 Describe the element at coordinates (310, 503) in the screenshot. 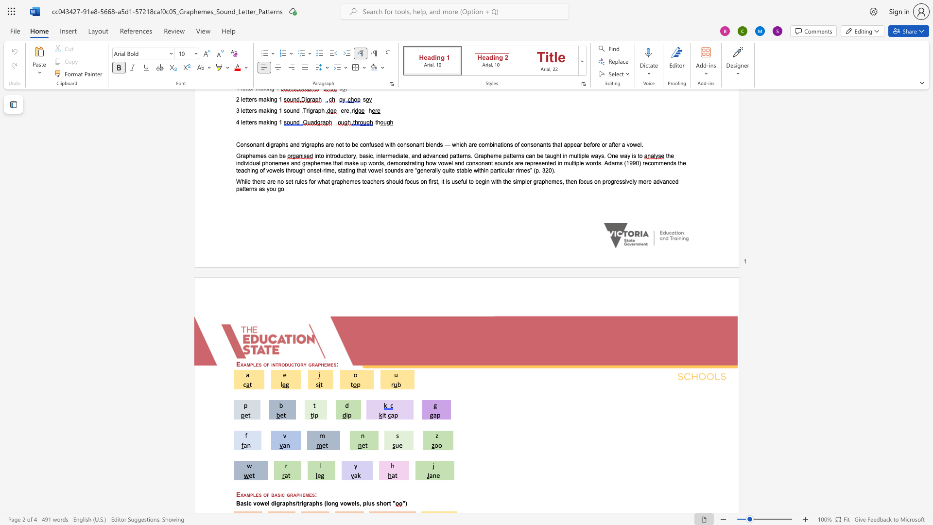

I see `the 3th character "a" in the text` at that location.